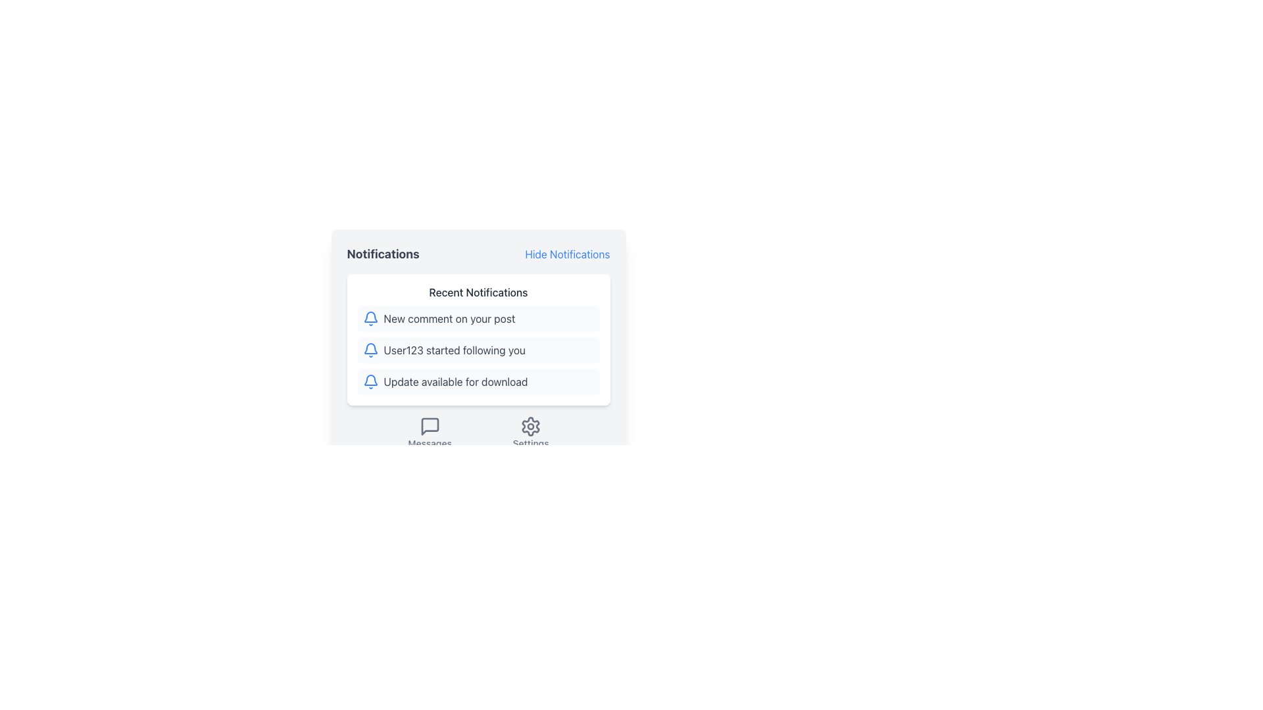  Describe the element at coordinates (531, 433) in the screenshot. I see `the settings button located at the bottom right of the interface` at that location.